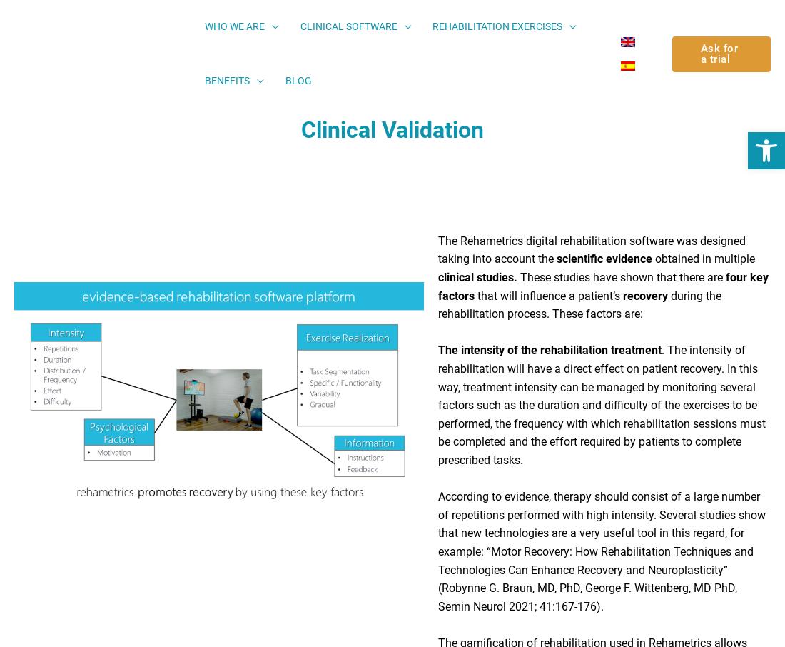 This screenshot has height=647, width=785. What do you see at coordinates (548, 301) in the screenshot?
I see `'that will influence a patient’s'` at bounding box center [548, 301].